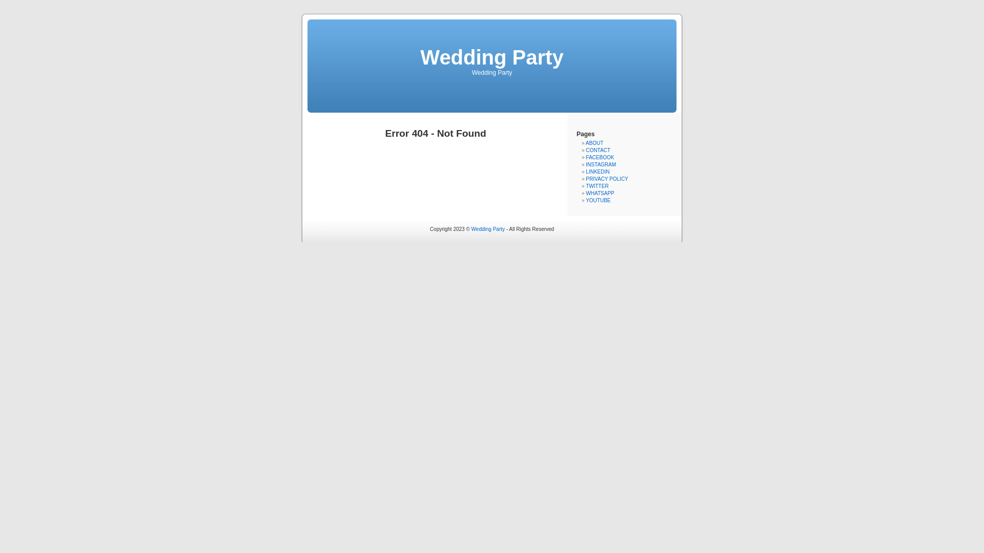 The image size is (984, 553). I want to click on 'WHATSAPP', so click(600, 193).